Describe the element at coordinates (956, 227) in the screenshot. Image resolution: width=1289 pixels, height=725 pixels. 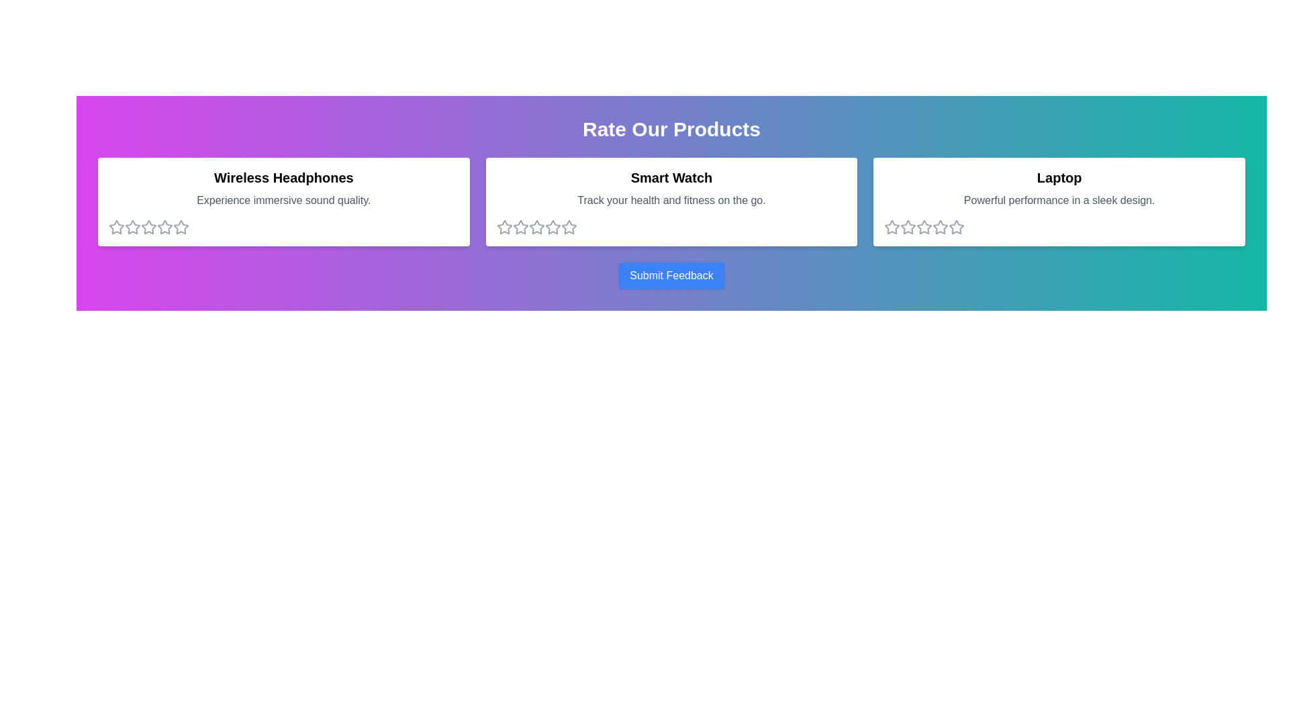
I see `the 5 star for the product Laptop to set its rating` at that location.